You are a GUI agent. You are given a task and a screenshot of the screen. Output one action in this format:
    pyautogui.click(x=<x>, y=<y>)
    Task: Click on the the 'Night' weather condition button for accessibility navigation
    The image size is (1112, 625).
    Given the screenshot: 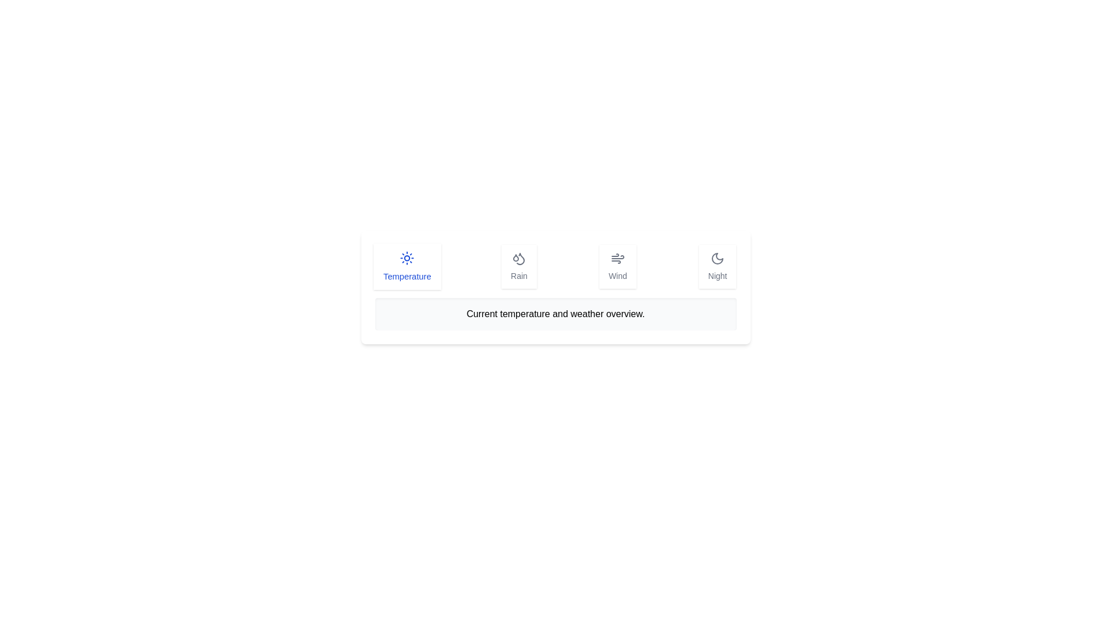 What is the action you would take?
    pyautogui.click(x=717, y=258)
    